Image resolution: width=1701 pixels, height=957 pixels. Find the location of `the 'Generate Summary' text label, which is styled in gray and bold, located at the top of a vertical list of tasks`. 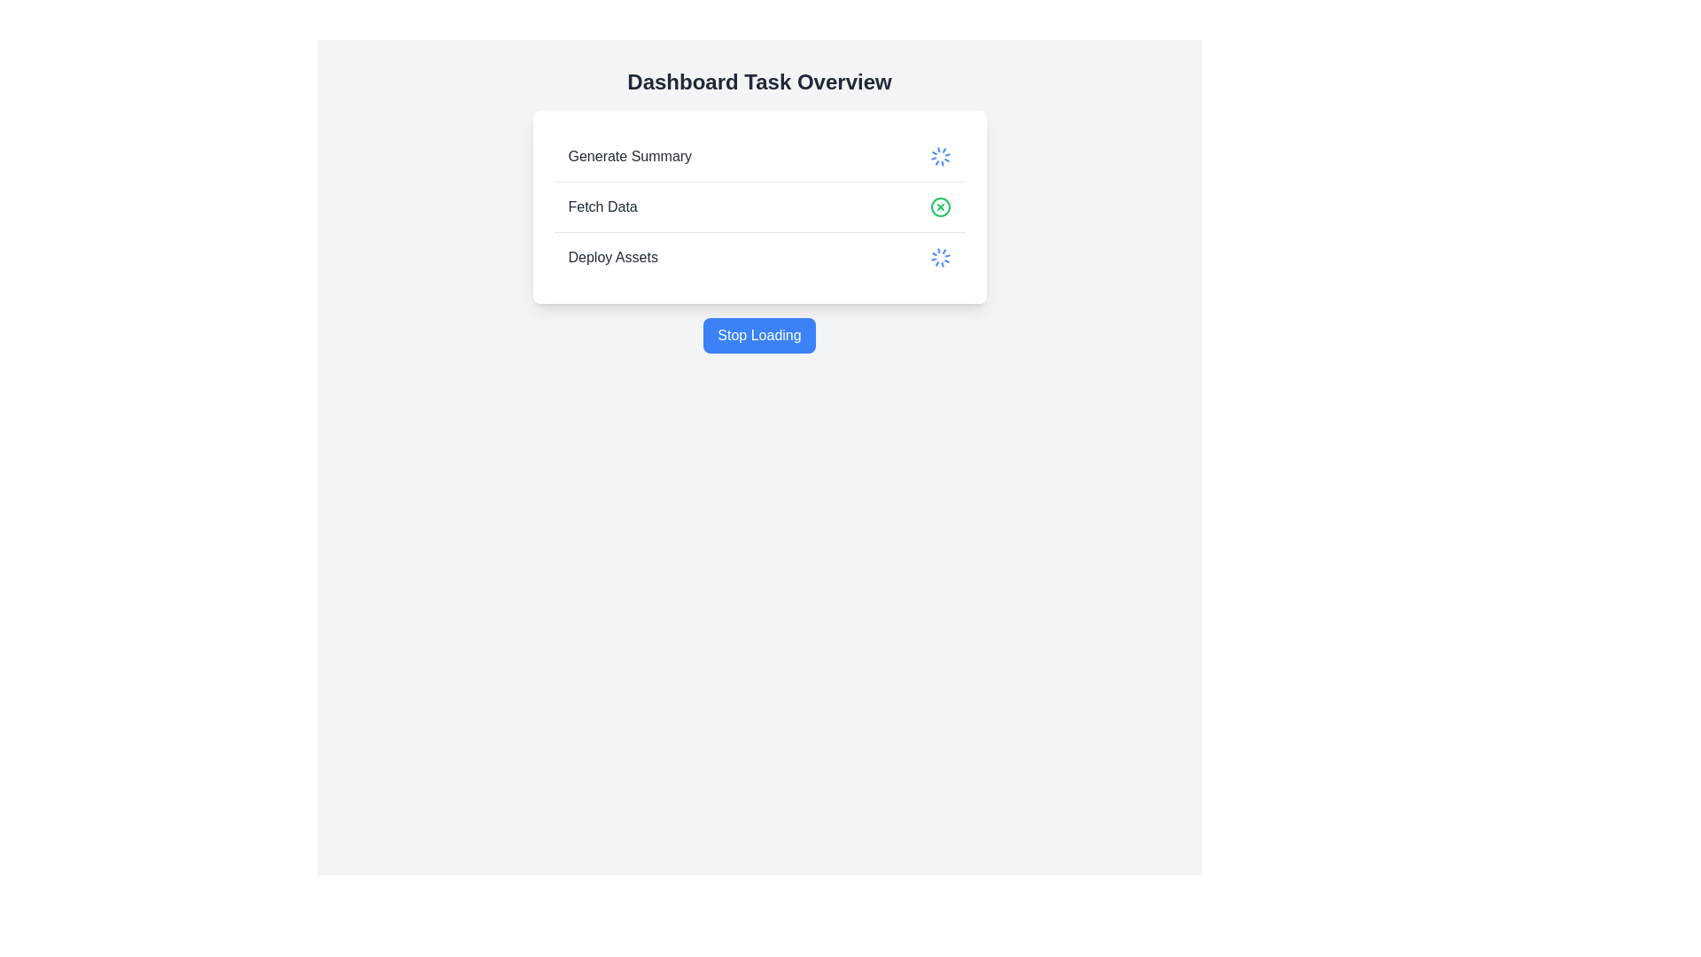

the 'Generate Summary' text label, which is styled in gray and bold, located at the top of a vertical list of tasks is located at coordinates (630, 156).